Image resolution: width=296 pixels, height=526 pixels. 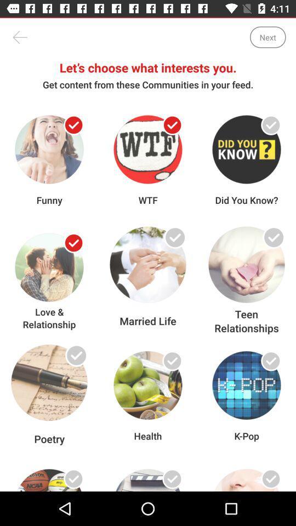 I want to click on choose the content you wan na see in the feed, so click(x=172, y=125).